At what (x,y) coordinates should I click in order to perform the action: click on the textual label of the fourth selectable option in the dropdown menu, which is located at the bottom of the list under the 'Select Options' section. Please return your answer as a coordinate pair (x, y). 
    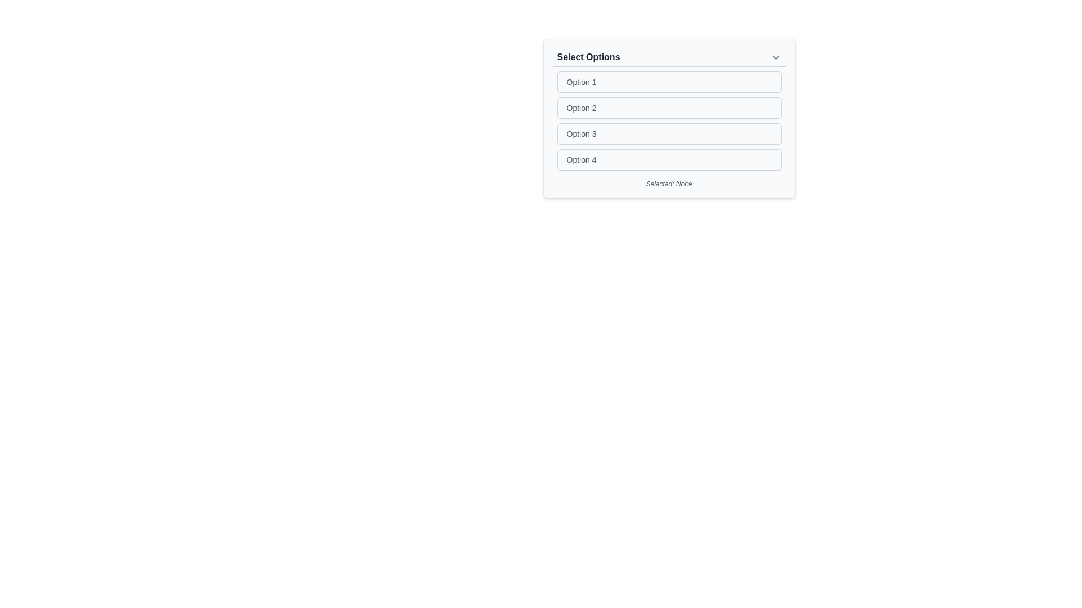
    Looking at the image, I should click on (582, 160).